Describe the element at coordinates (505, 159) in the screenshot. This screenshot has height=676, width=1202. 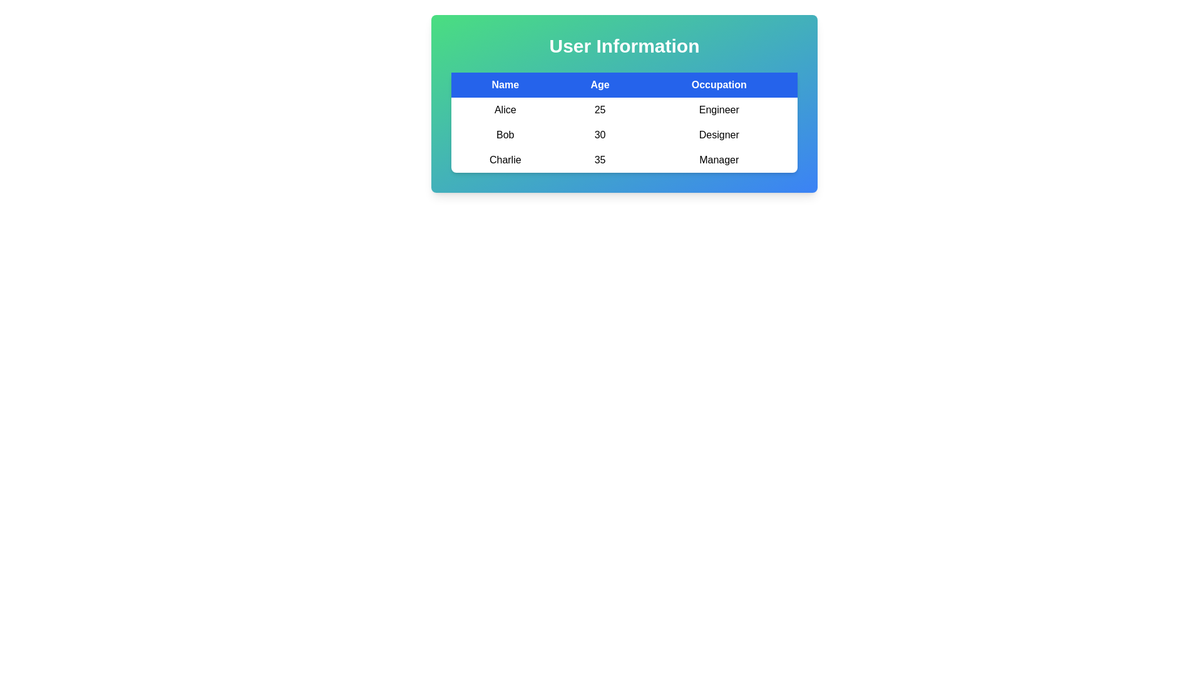
I see `the text label element displaying 'Charlie' located in the third row under the 'Name' column of the table` at that location.